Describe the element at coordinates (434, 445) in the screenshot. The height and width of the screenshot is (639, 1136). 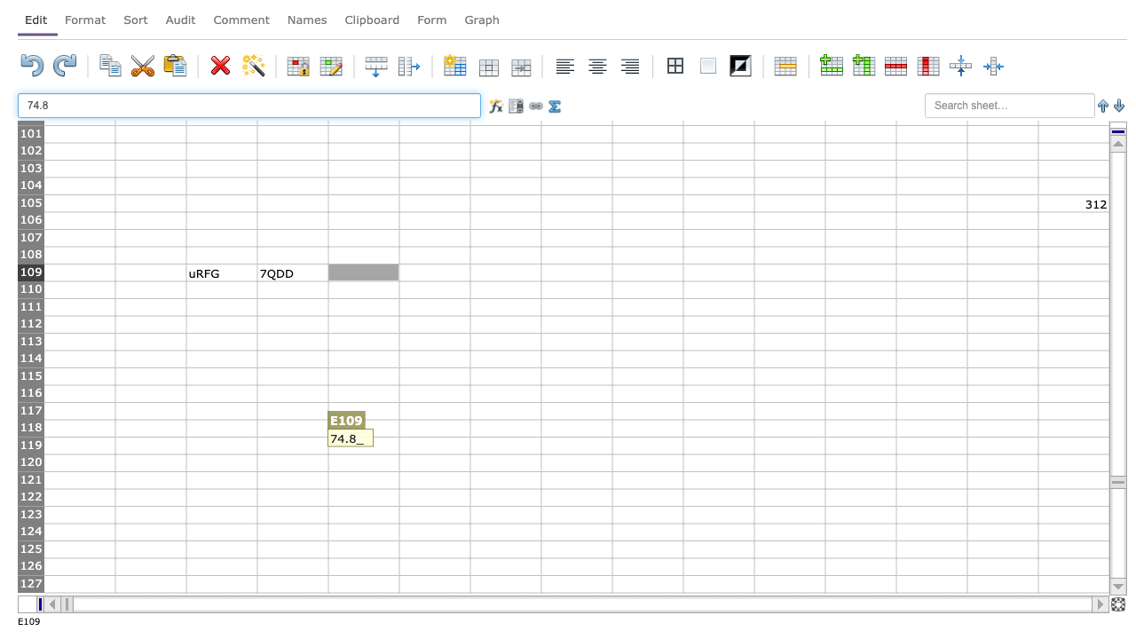
I see `F119` at that location.